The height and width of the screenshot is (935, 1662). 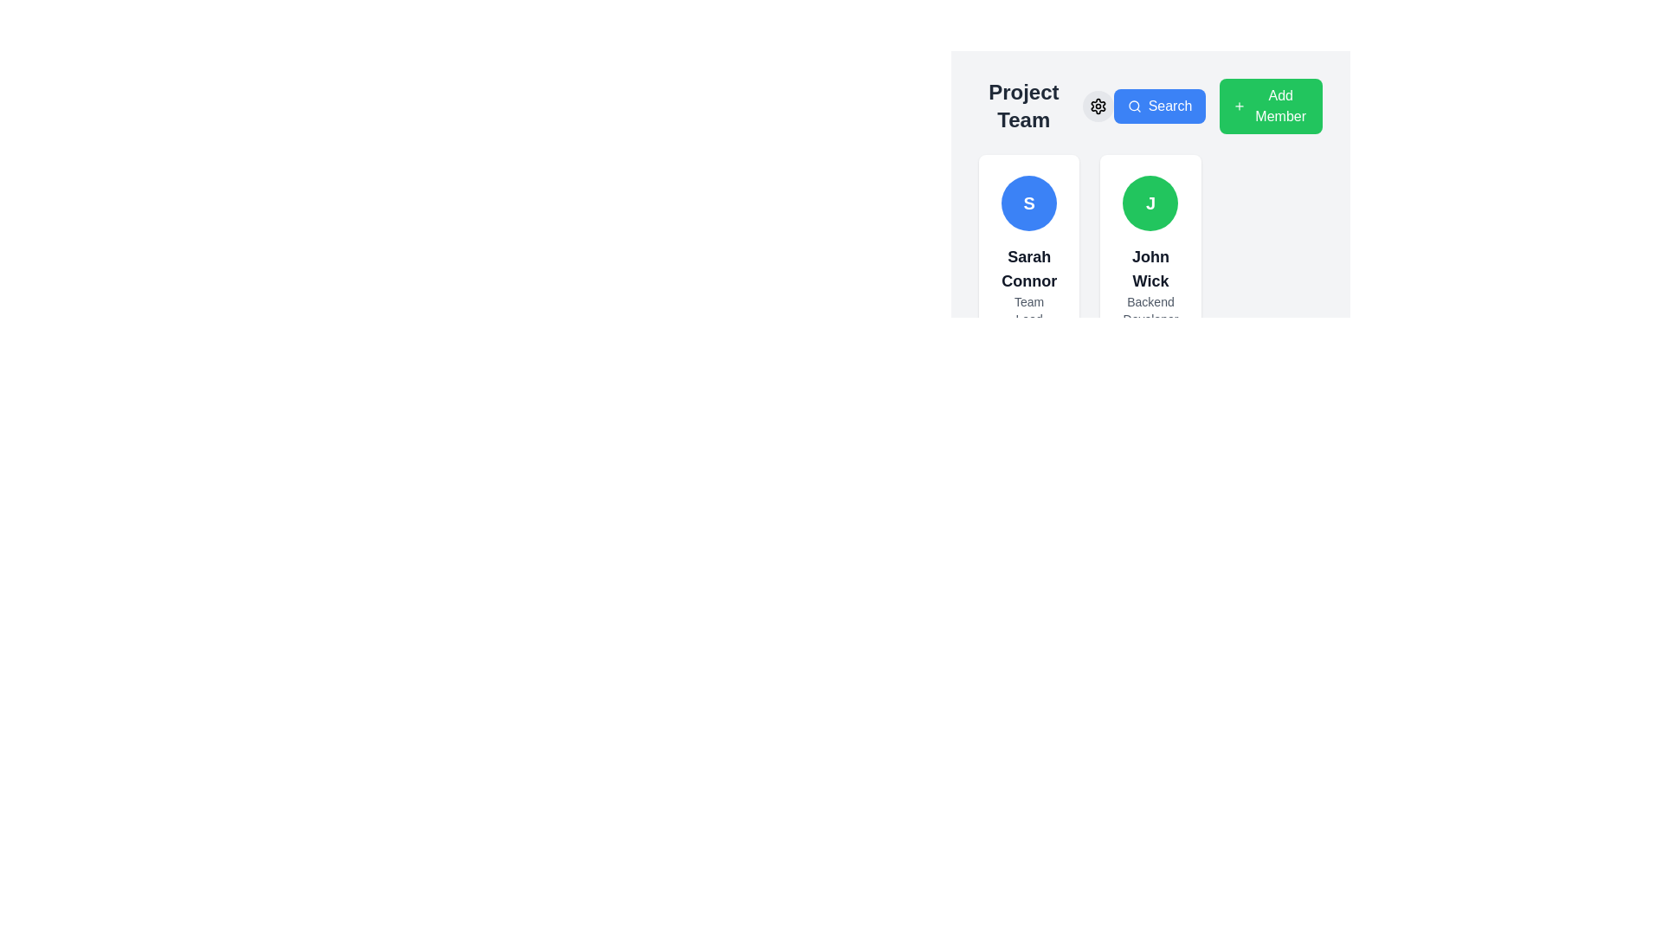 I want to click on the Informative Card representing user 'John Wick', which displays their role as a Backend Developer, located in the second column of a three-column grid, under the 'Project Team' header, so click(x=1150, y=251).